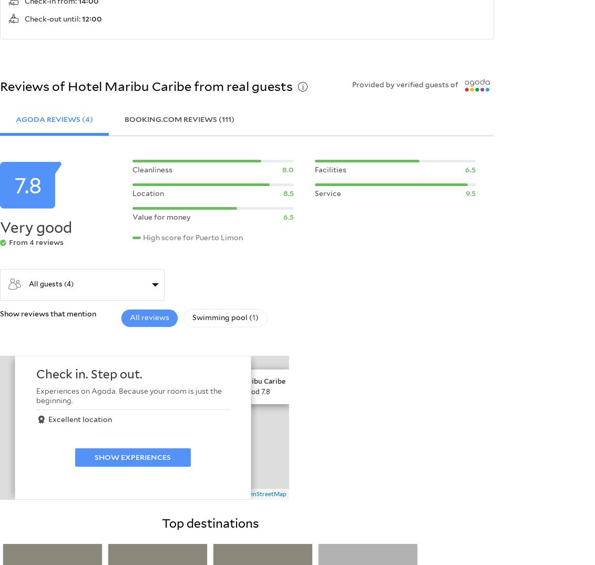  Describe the element at coordinates (161, 216) in the screenshot. I see `'Value for money'` at that location.